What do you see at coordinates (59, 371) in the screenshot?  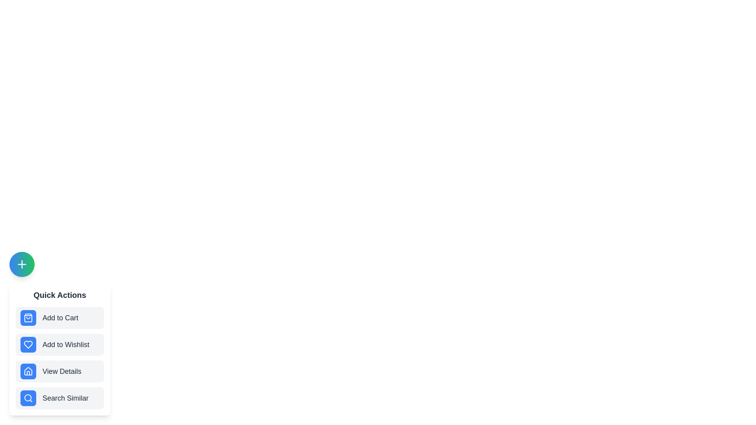 I see `the 'View Details' button in the speed dial menu` at bounding box center [59, 371].